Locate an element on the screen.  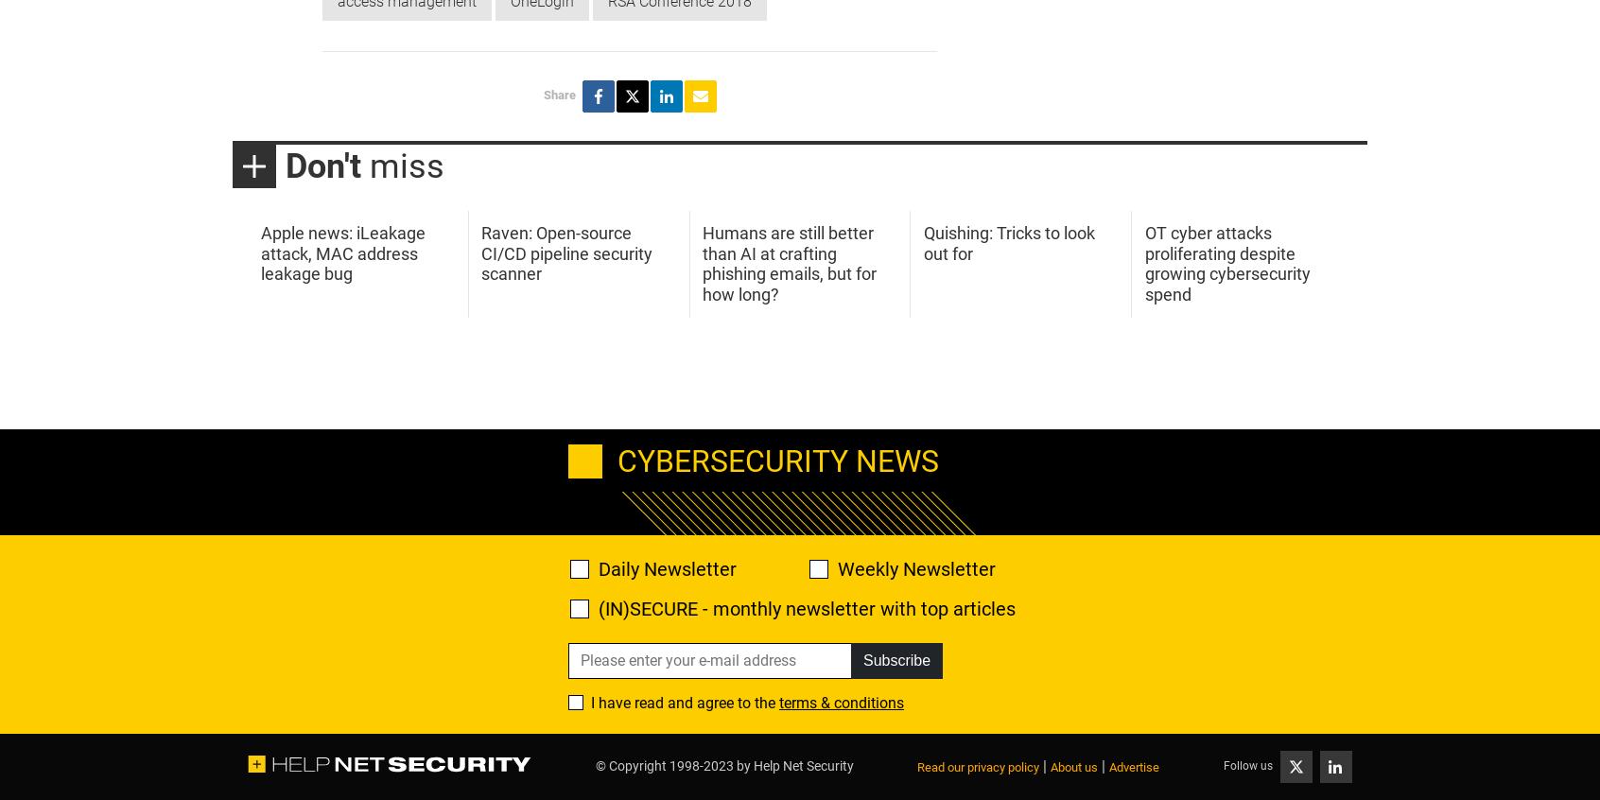
'Read our privacy policy' is located at coordinates (977, 766).